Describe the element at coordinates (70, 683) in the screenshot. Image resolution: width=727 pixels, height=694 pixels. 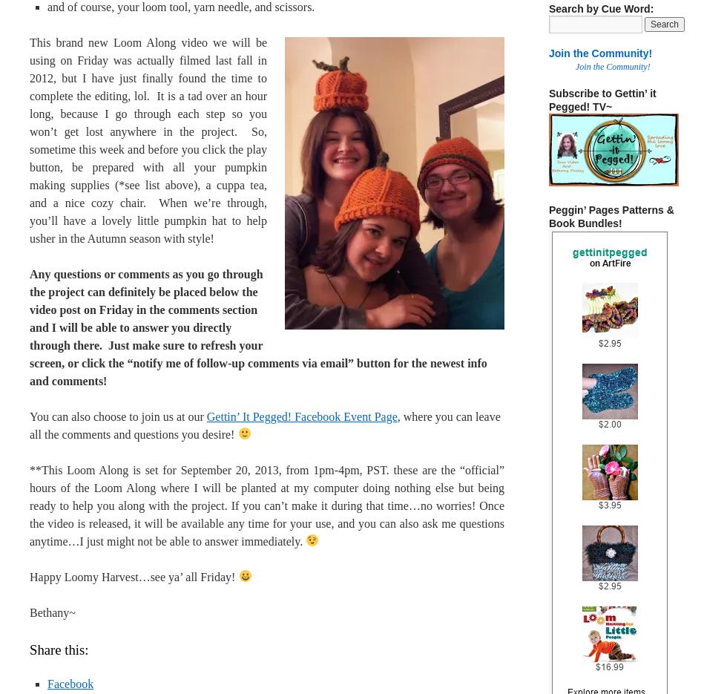
I see `'Facebook'` at that location.